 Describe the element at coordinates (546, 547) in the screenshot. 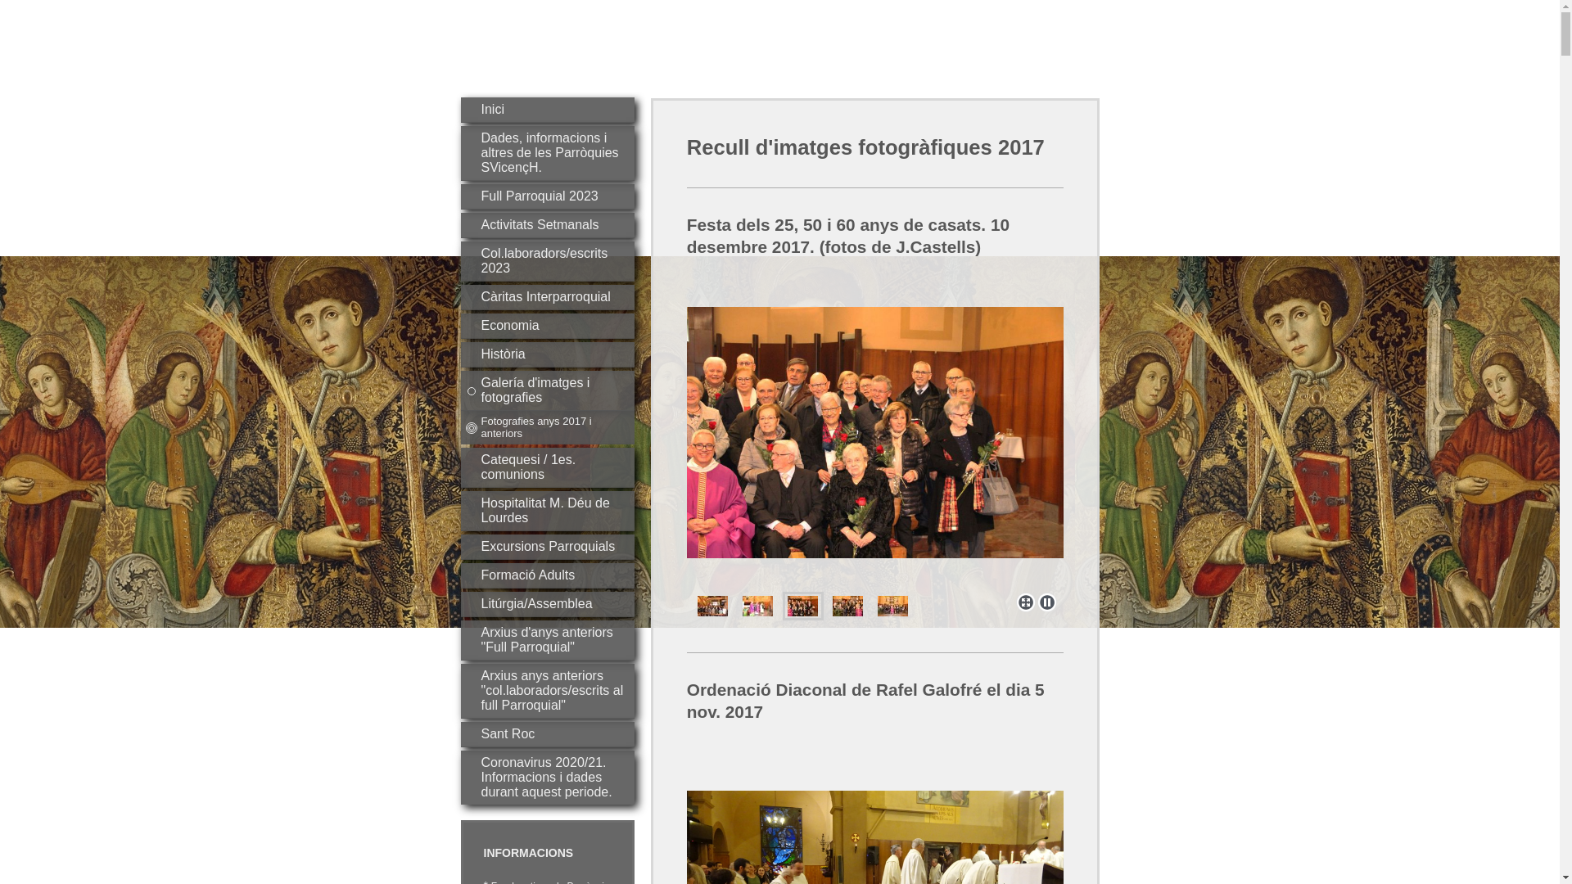

I see `'Excursions Parroquials'` at that location.